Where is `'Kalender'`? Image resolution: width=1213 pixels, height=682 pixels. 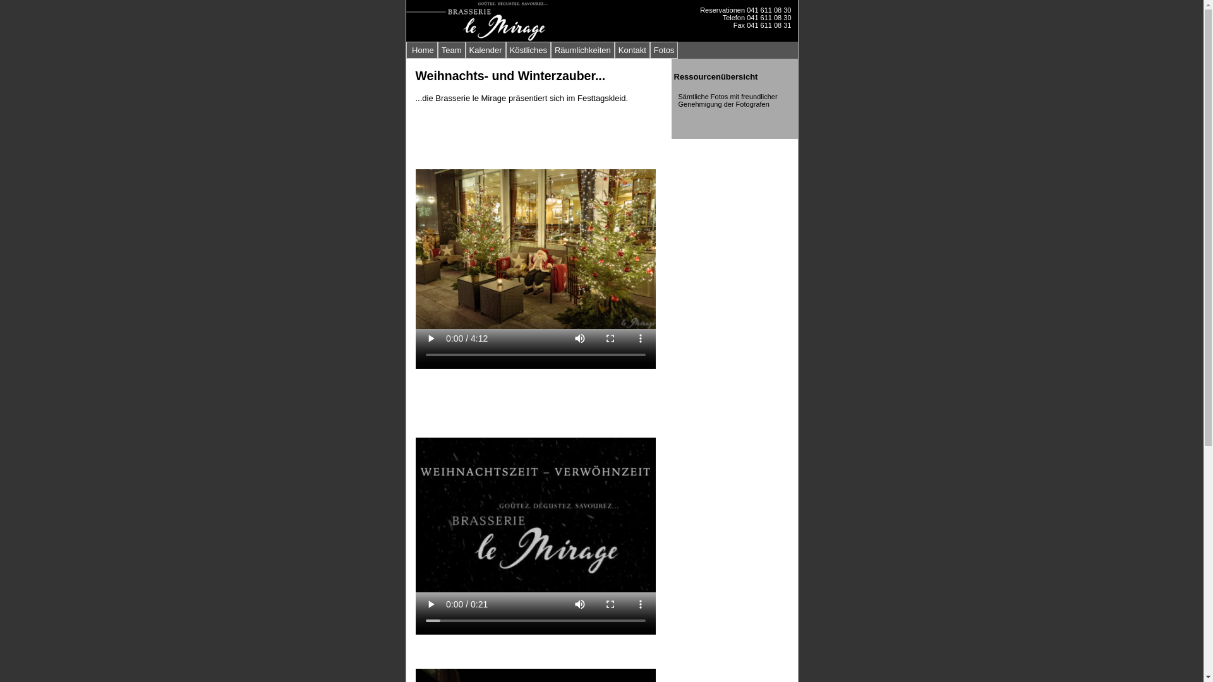 'Kalender' is located at coordinates (485, 49).